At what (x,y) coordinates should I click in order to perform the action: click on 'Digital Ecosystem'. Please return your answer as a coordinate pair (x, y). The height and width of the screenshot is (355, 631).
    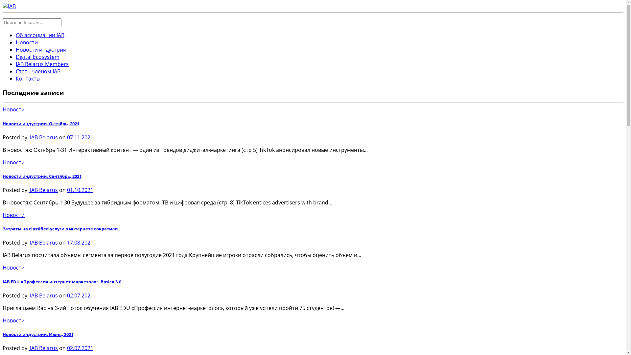
    Looking at the image, I should click on (37, 57).